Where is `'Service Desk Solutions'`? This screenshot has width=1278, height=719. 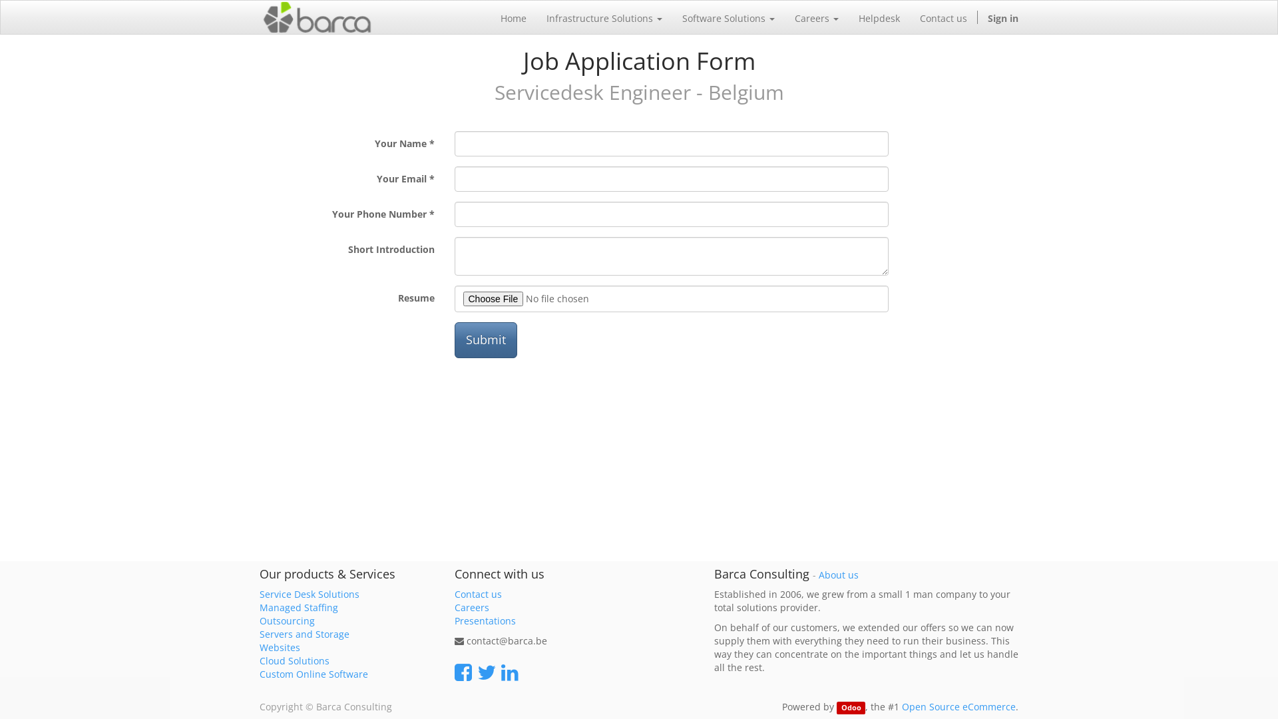 'Service Desk Solutions' is located at coordinates (309, 593).